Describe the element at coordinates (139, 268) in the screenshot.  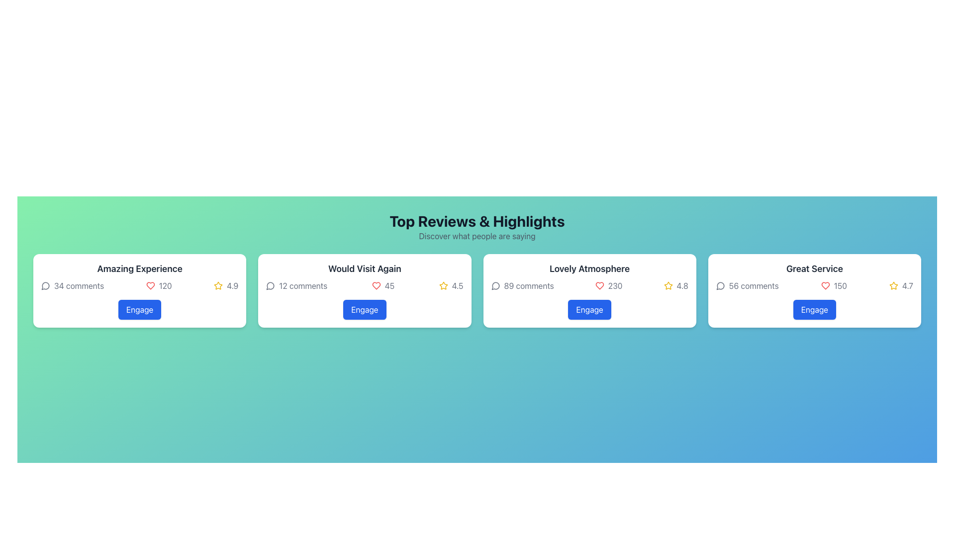
I see `title text of the leftmost card, which is positioned at the top center of the card, above the comments, likes, and rating details` at that location.